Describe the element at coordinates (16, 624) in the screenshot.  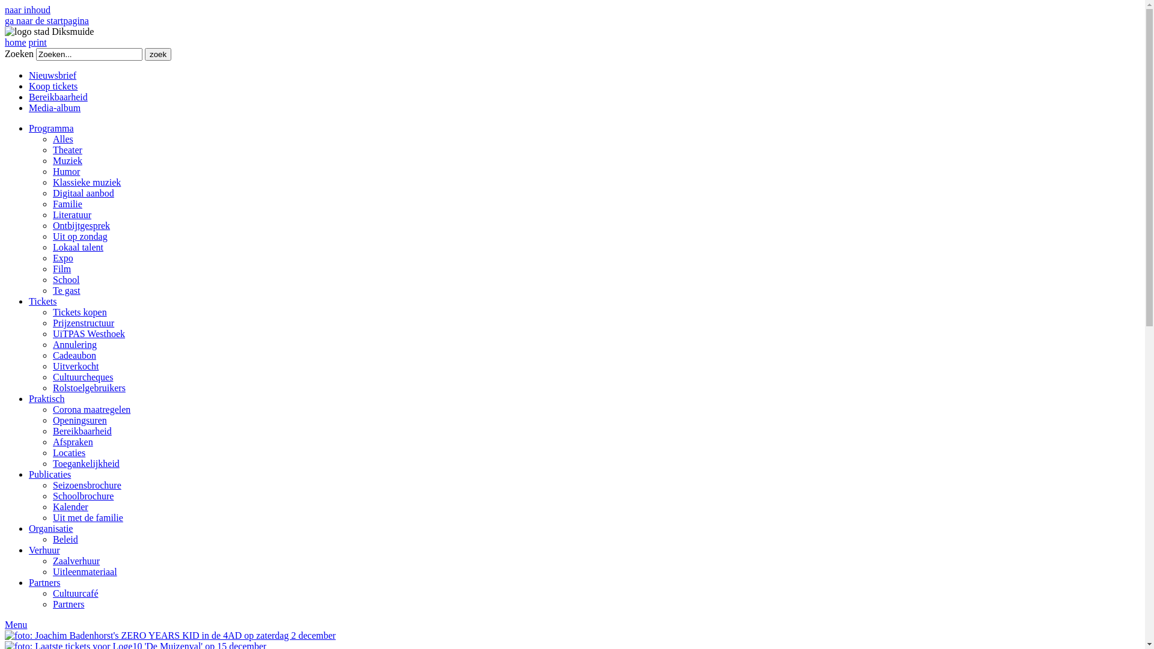
I see `'Menu'` at that location.